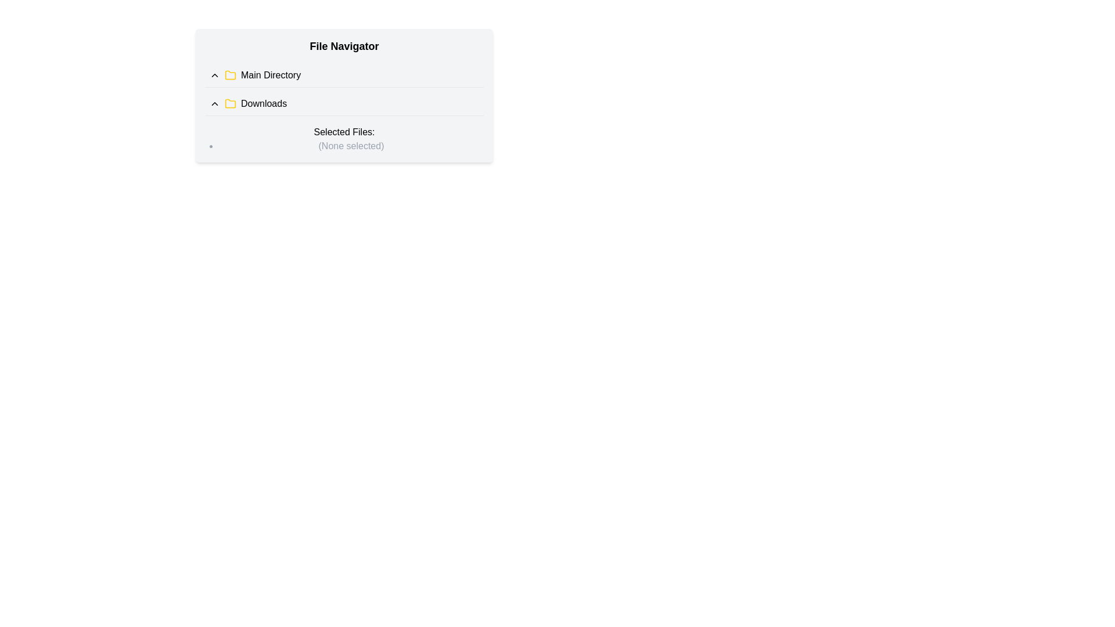 This screenshot has width=1115, height=627. What do you see at coordinates (231, 75) in the screenshot?
I see `the folder icon representing the 'Main Directory' in the 'File Navigator' section to visually identify it alongside the interactive arrow icon` at bounding box center [231, 75].